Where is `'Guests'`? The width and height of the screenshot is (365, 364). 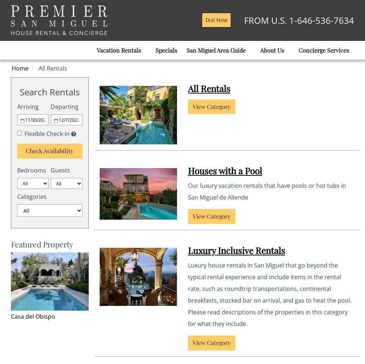
'Guests' is located at coordinates (51, 170).